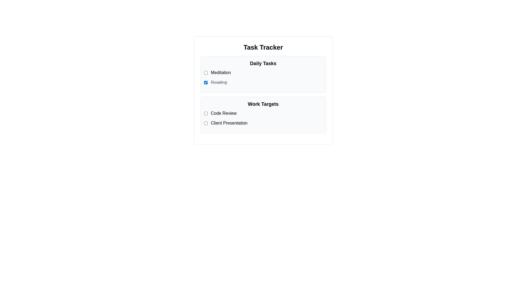  What do you see at coordinates (263, 118) in the screenshot?
I see `the checklist labels in the 'Work Targets' section` at bounding box center [263, 118].